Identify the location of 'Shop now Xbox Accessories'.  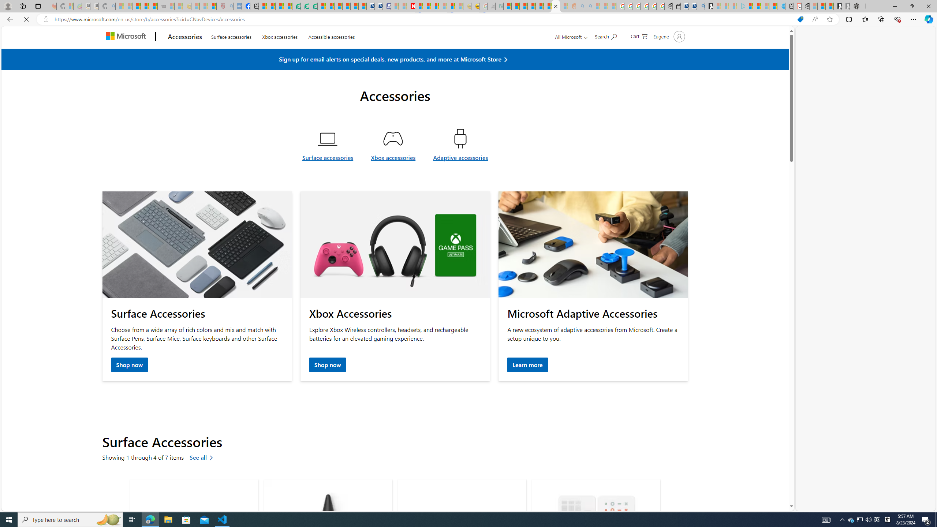
(328, 365).